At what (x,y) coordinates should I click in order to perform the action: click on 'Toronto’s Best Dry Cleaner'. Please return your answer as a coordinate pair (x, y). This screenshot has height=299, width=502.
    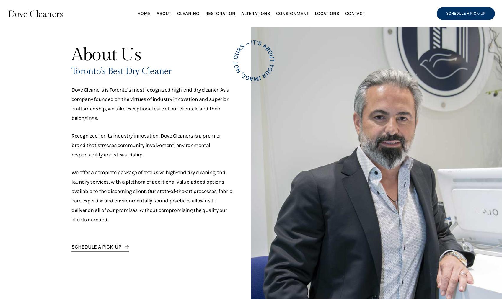
    Looking at the image, I should click on (121, 71).